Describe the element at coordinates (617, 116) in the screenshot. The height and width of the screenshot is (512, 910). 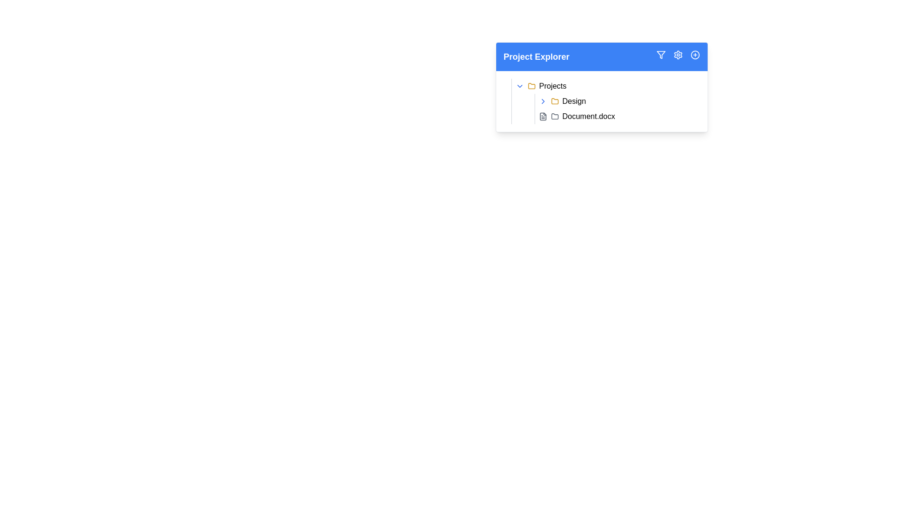
I see `the list item labeled 'Document.docx' under the 'Design' sub-folder` at that location.